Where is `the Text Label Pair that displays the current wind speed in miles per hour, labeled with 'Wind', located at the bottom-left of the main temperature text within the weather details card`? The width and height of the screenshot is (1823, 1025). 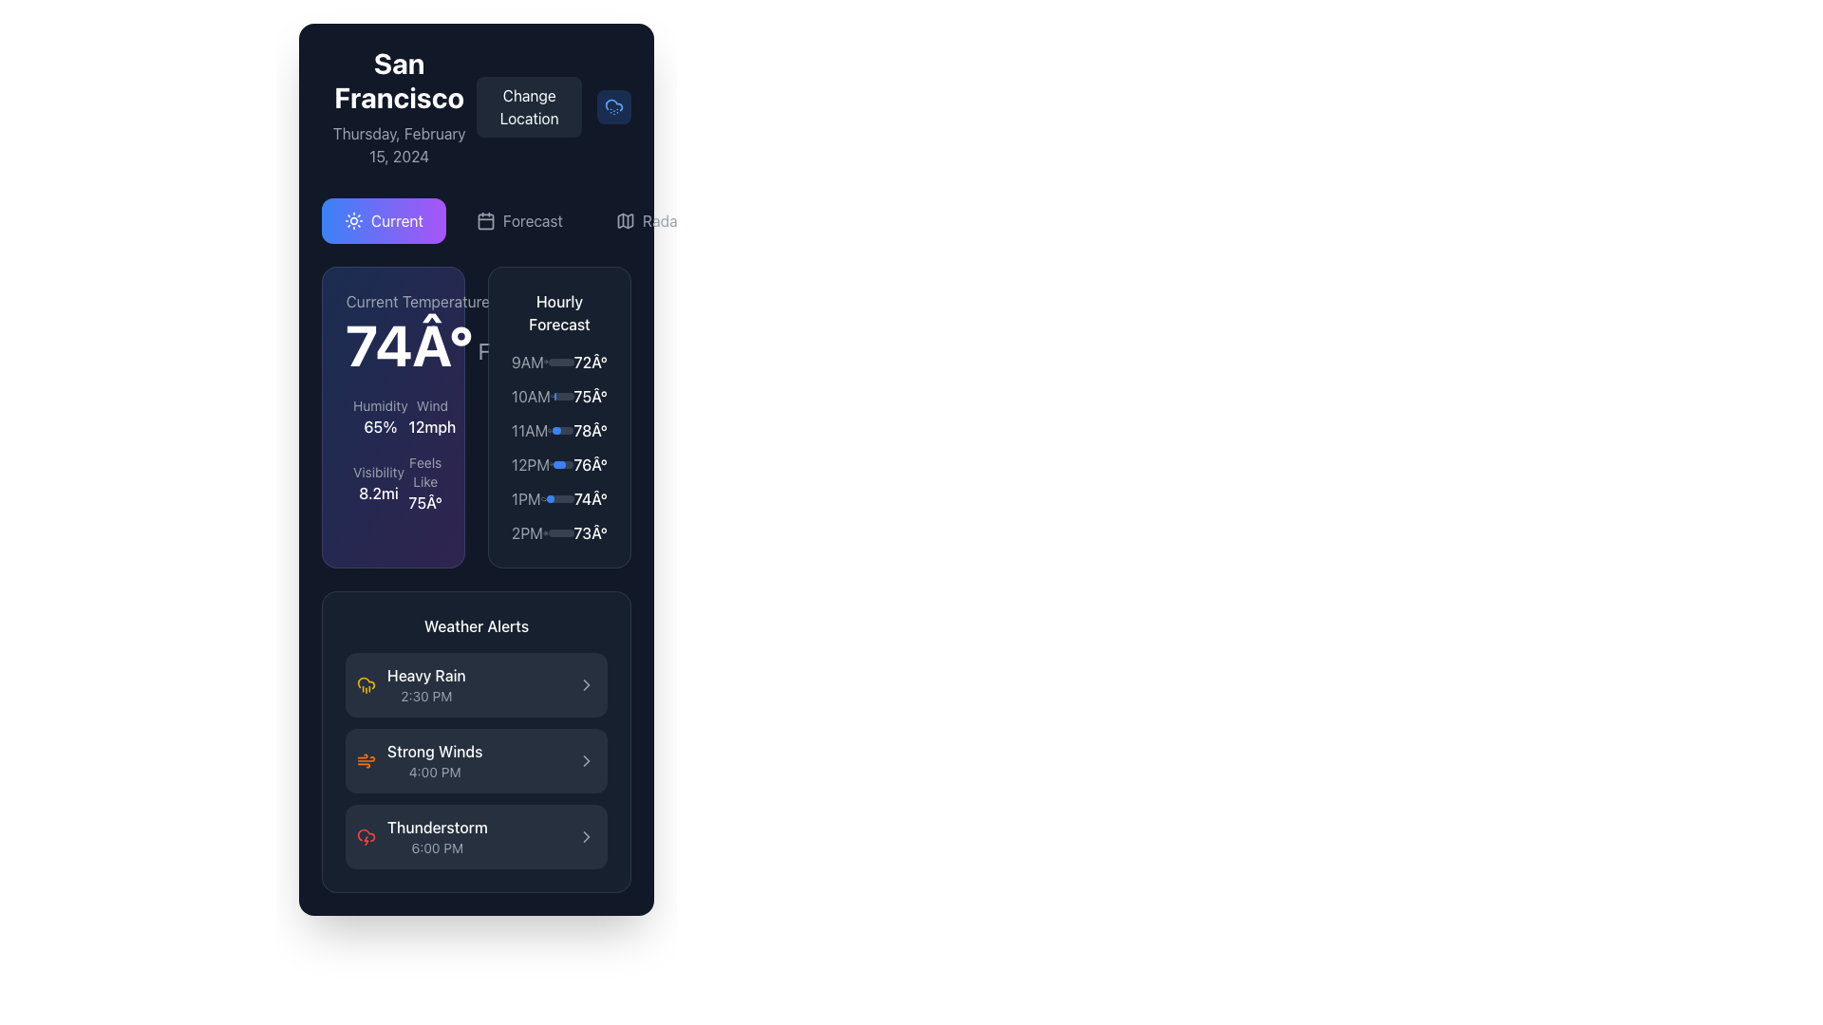 the Text Label Pair that displays the current wind speed in miles per hour, labeled with 'Wind', located at the bottom-left of the main temperature text within the weather details card is located at coordinates (431, 416).